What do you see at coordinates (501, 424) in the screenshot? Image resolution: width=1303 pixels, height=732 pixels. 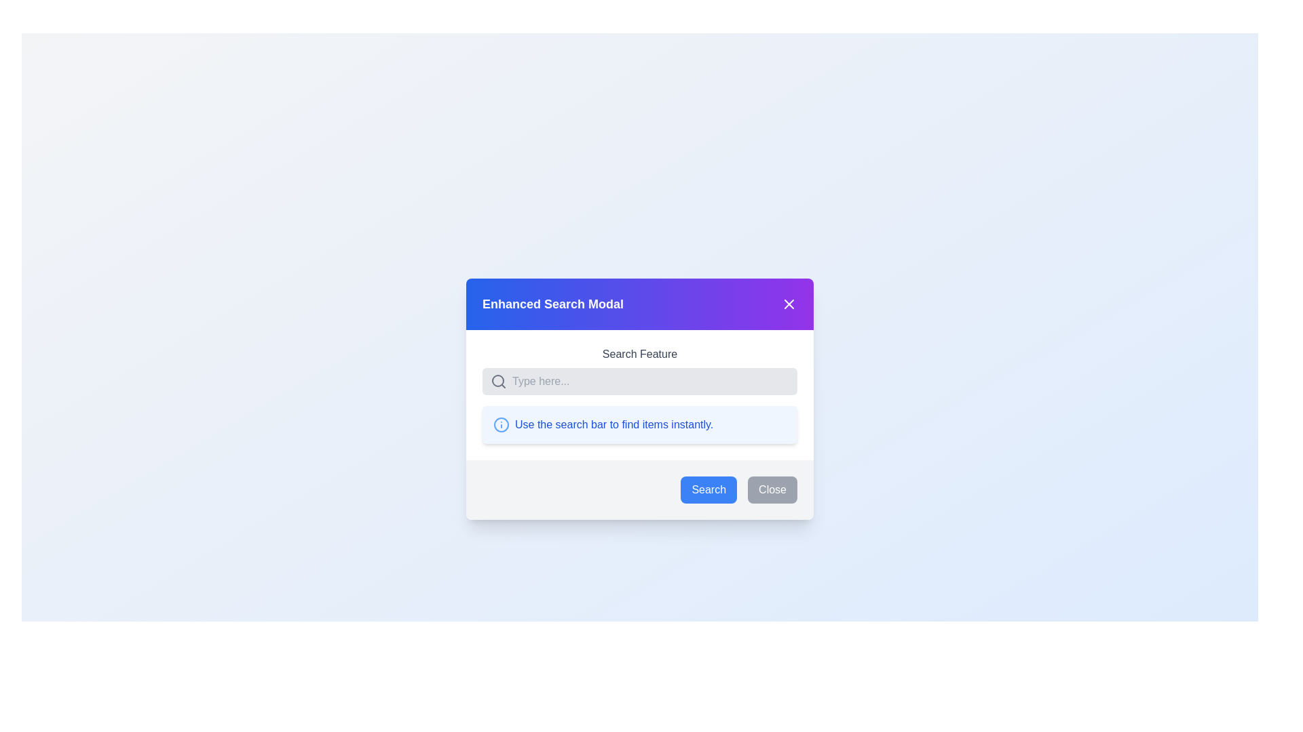 I see `the informational icon located to the left of the text 'Use the search bar to find items instantly.'` at bounding box center [501, 424].